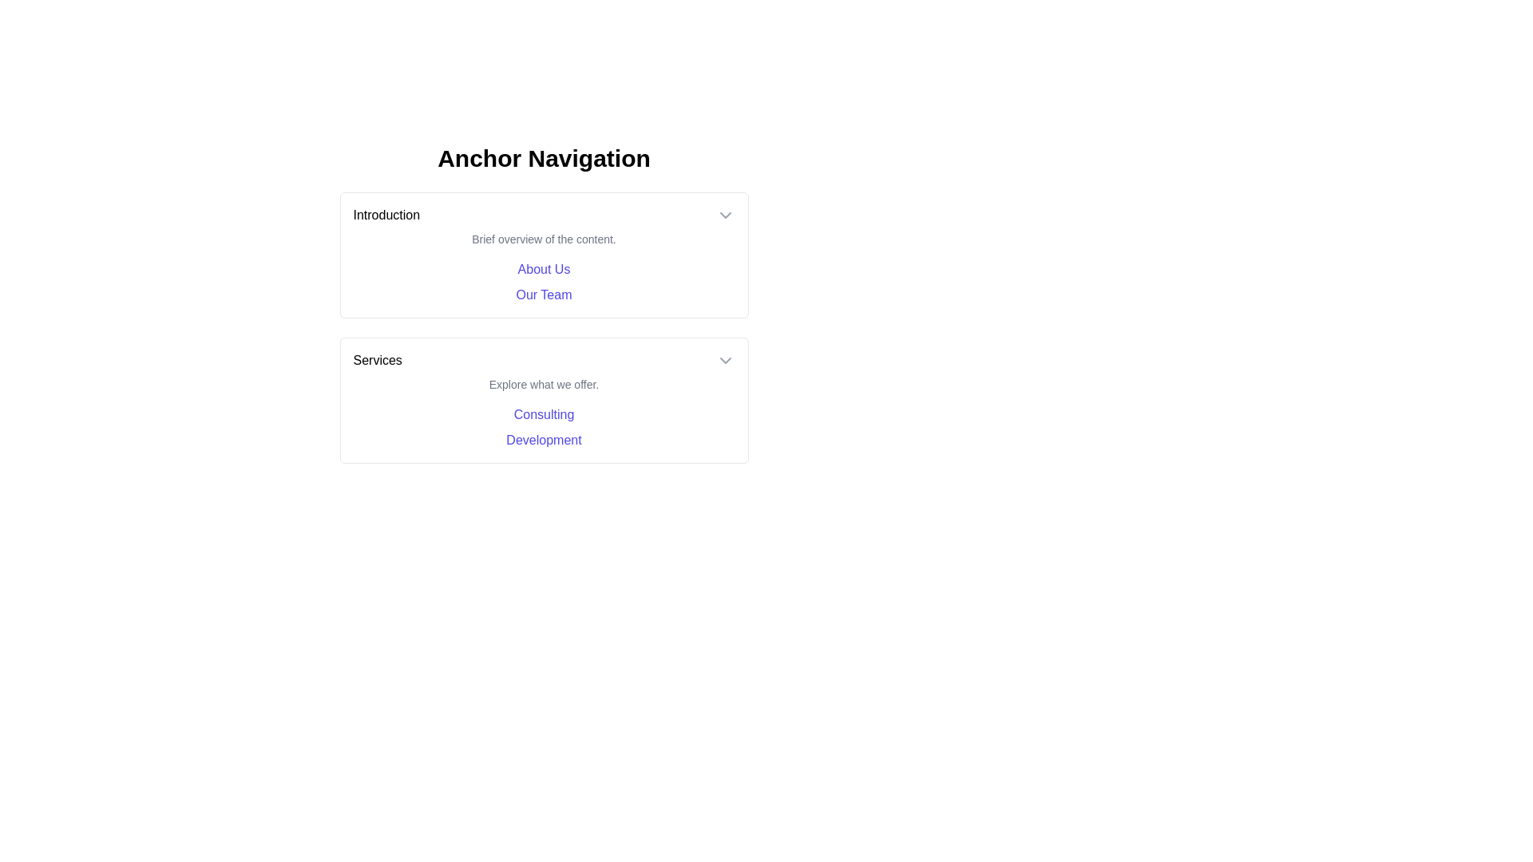 The height and width of the screenshot is (862, 1533). Describe the element at coordinates (544, 399) in the screenshot. I see `the 'Consulting' and 'Development' links in the 'Services' collapsible section to trigger tooltips or styling effects` at that location.